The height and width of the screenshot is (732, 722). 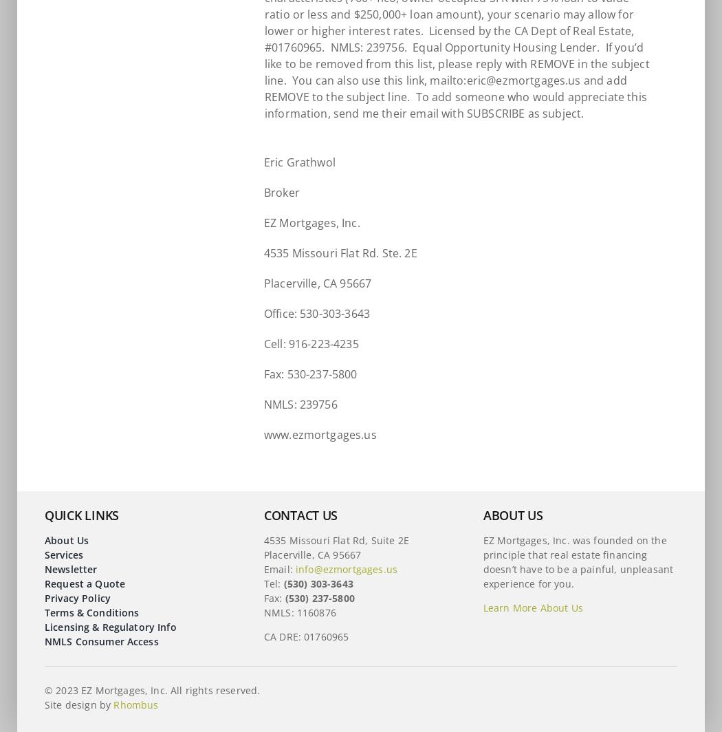 I want to click on 'EZ Mortgages, Inc. was founded on the principle that real estate financing doesn’t have to be a painful, unpleasant experience for you.', so click(x=483, y=562).